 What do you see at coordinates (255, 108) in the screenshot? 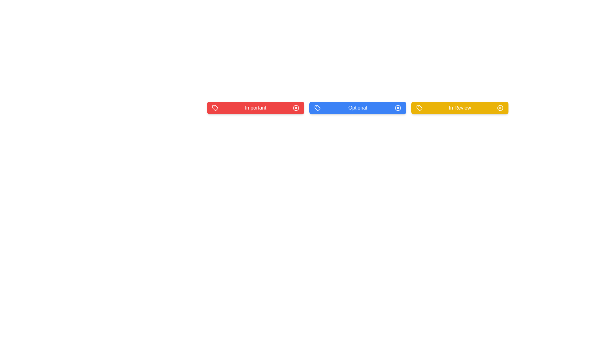
I see `the background of the Important tag` at bounding box center [255, 108].